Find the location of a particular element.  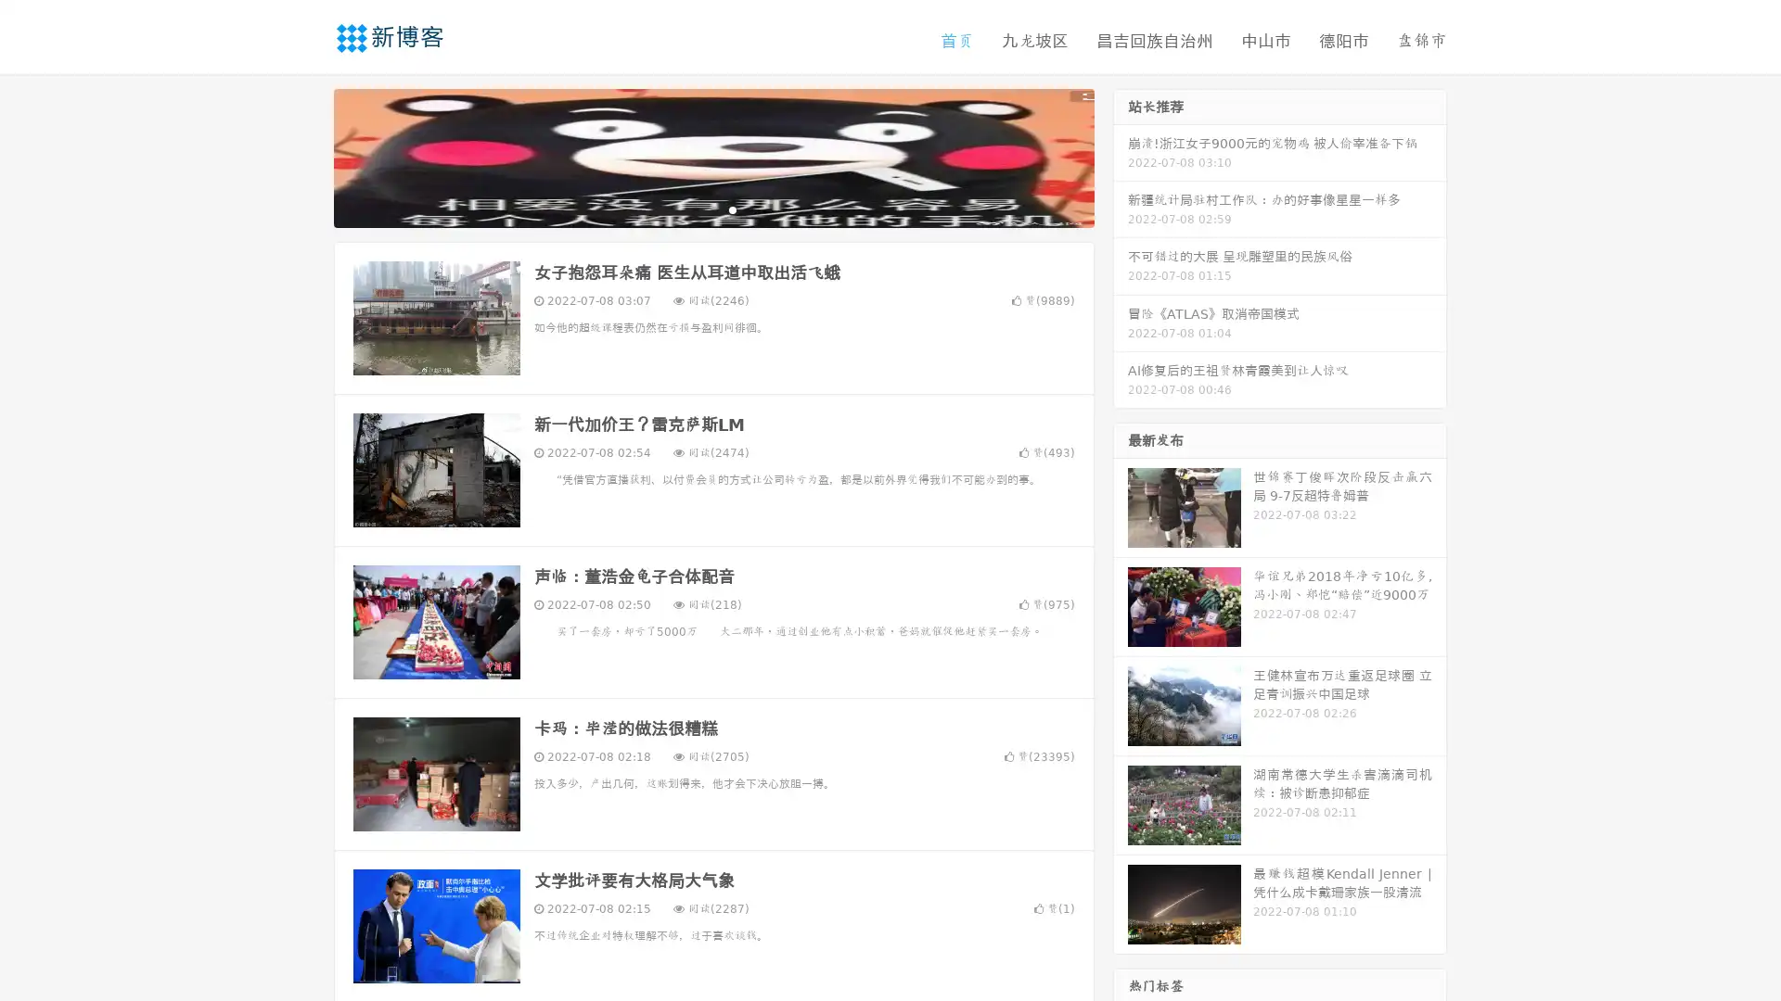

Go to slide 1 is located at coordinates (694, 209).